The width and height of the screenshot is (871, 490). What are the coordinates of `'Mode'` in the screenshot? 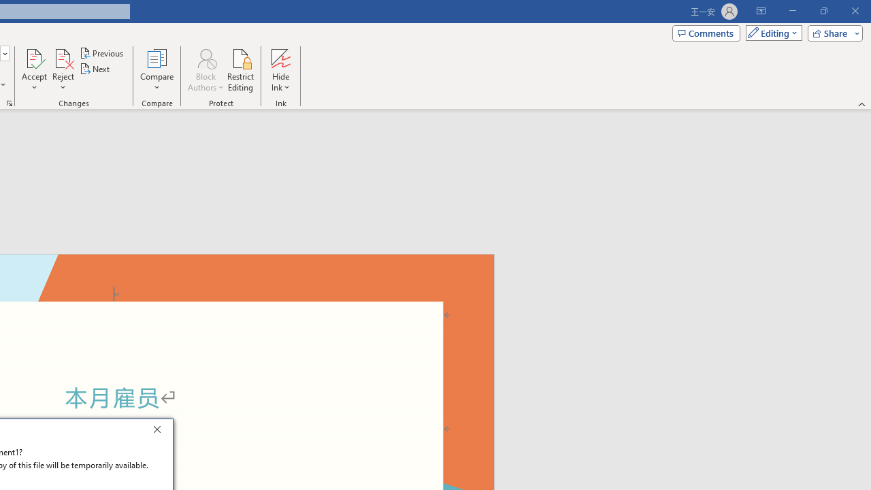 It's located at (771, 32).